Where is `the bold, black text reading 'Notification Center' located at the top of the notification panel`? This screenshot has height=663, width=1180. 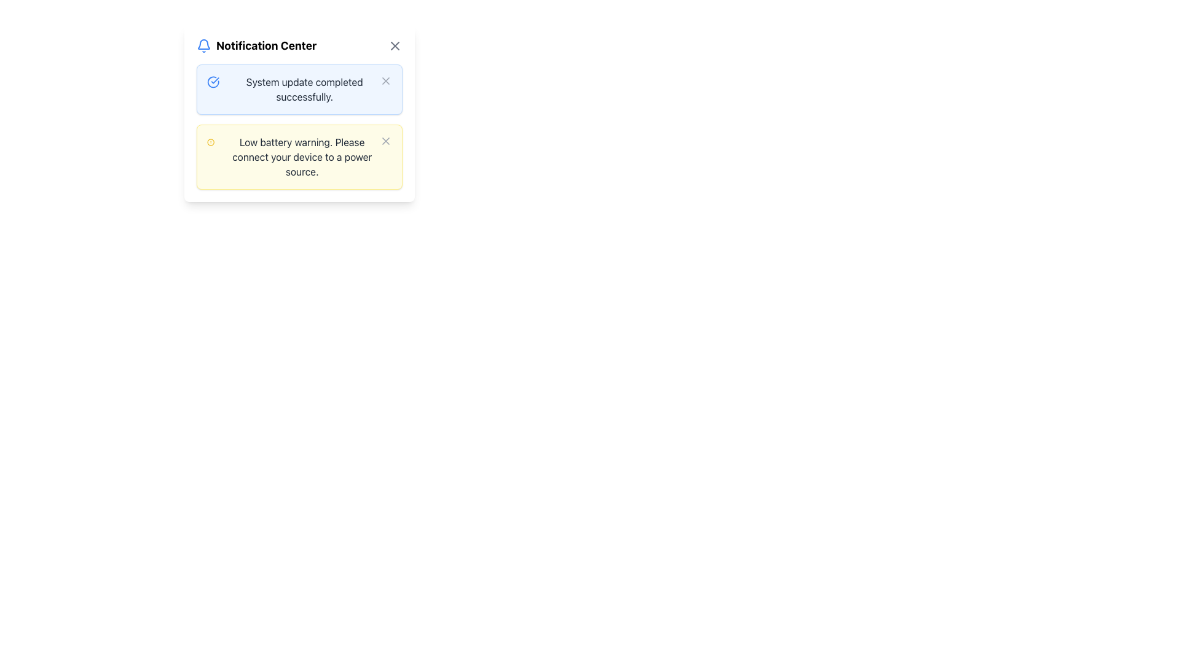
the bold, black text reading 'Notification Center' located at the top of the notification panel is located at coordinates (265, 45).